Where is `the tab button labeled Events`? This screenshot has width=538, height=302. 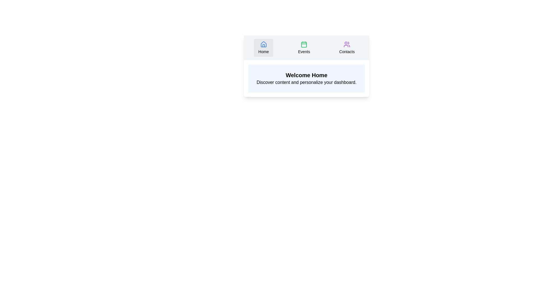 the tab button labeled Events is located at coordinates (303, 47).